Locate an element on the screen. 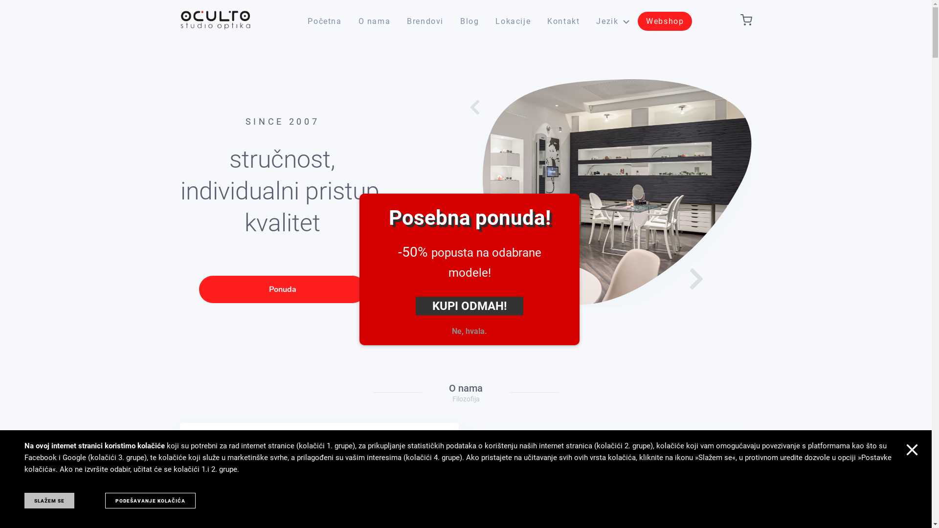 The image size is (939, 528). 'Lokacije' is located at coordinates (513, 21).